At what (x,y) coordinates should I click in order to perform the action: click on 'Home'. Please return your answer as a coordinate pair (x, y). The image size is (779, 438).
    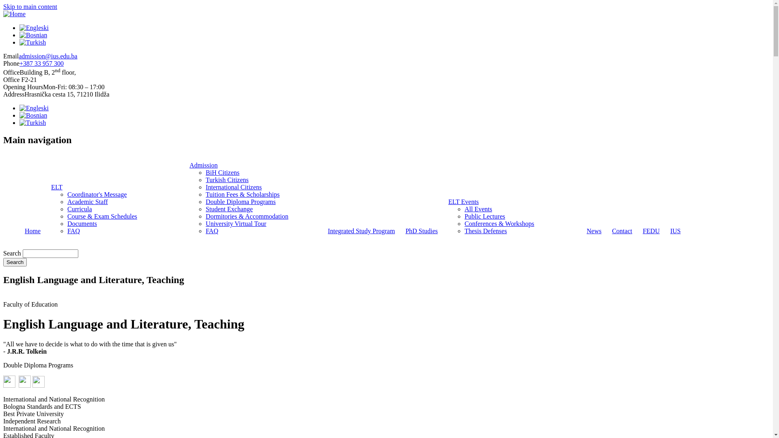
    Looking at the image, I should click on (14, 14).